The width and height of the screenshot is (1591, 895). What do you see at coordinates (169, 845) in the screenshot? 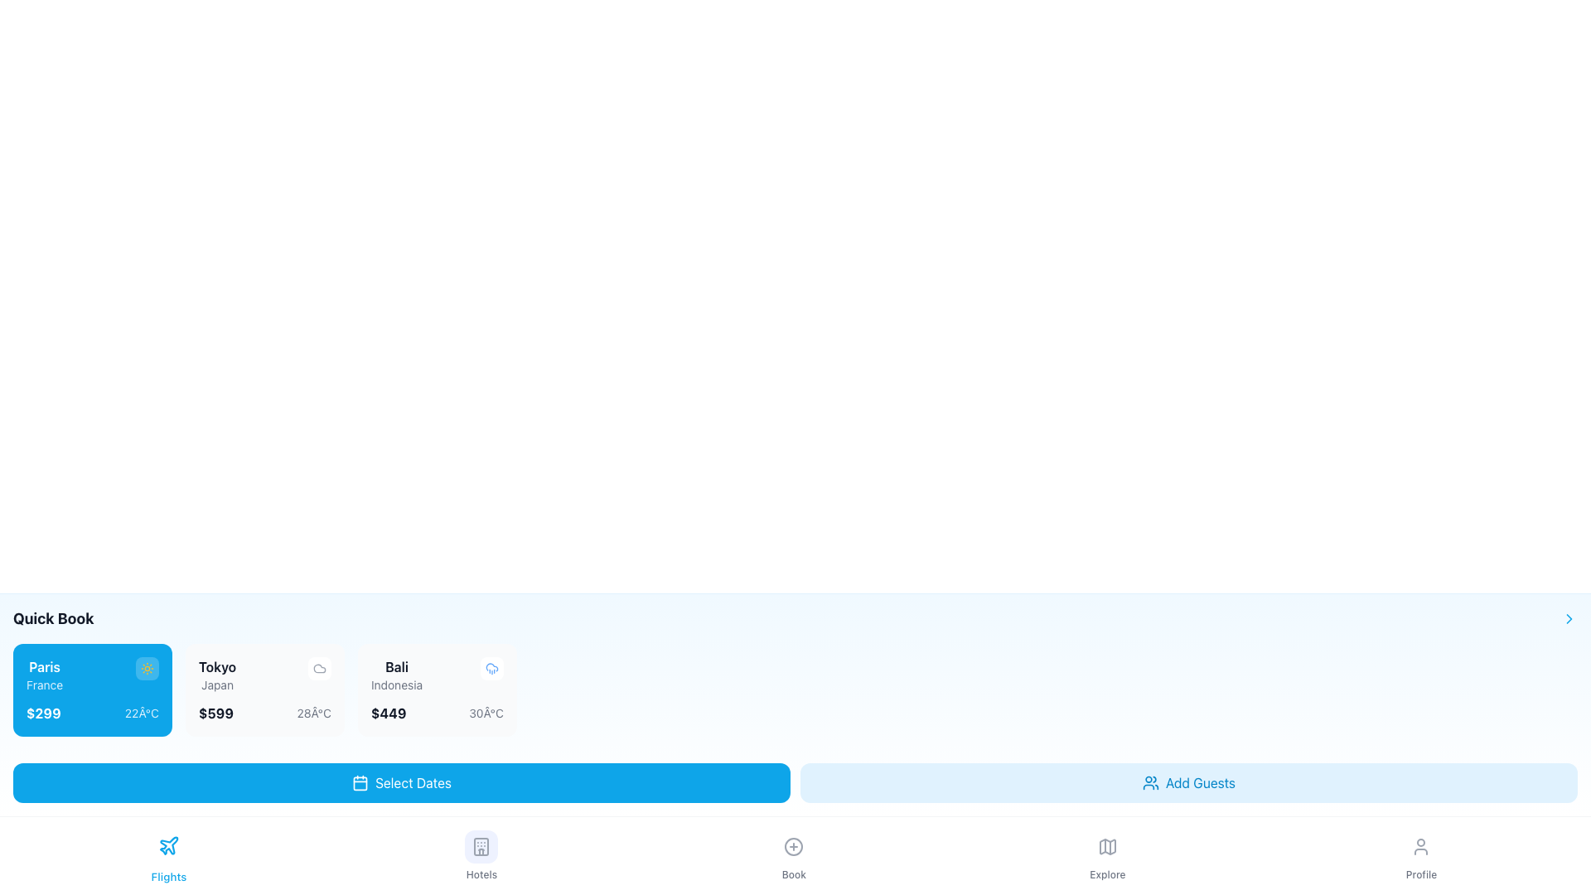
I see `the flight-related icon located within the bottom navigation bar, below the 'Flights' label, which has a light blue background and rounded edges` at bounding box center [169, 845].